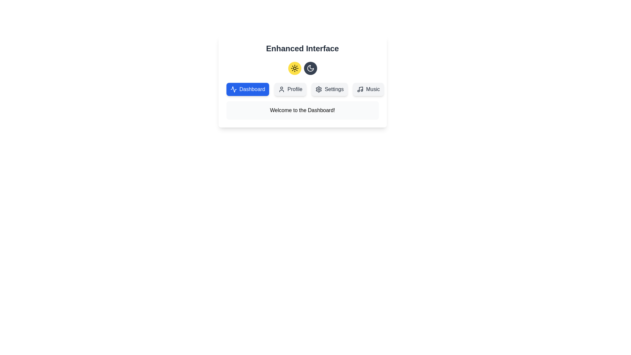 This screenshot has width=631, height=355. Describe the element at coordinates (294, 89) in the screenshot. I see `the text label that serves as a link for navigating to the user's profile section` at that location.